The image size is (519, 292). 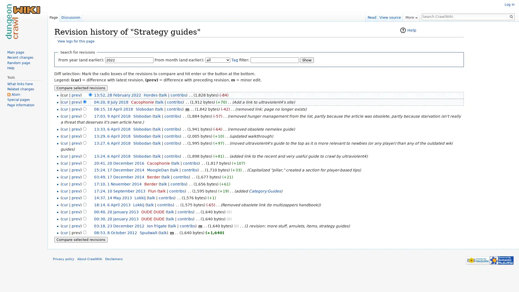 I want to click on Go, so click(x=511, y=16).